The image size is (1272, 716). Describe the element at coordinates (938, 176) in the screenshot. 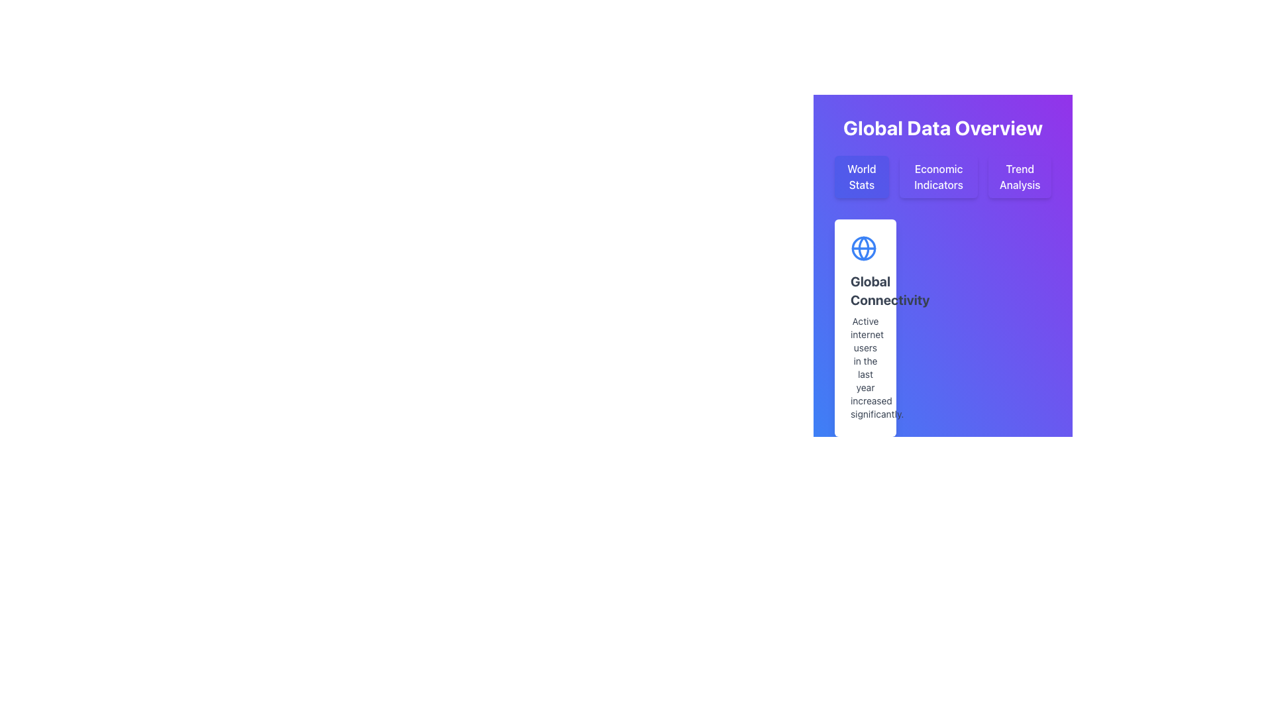

I see `the middle button` at that location.